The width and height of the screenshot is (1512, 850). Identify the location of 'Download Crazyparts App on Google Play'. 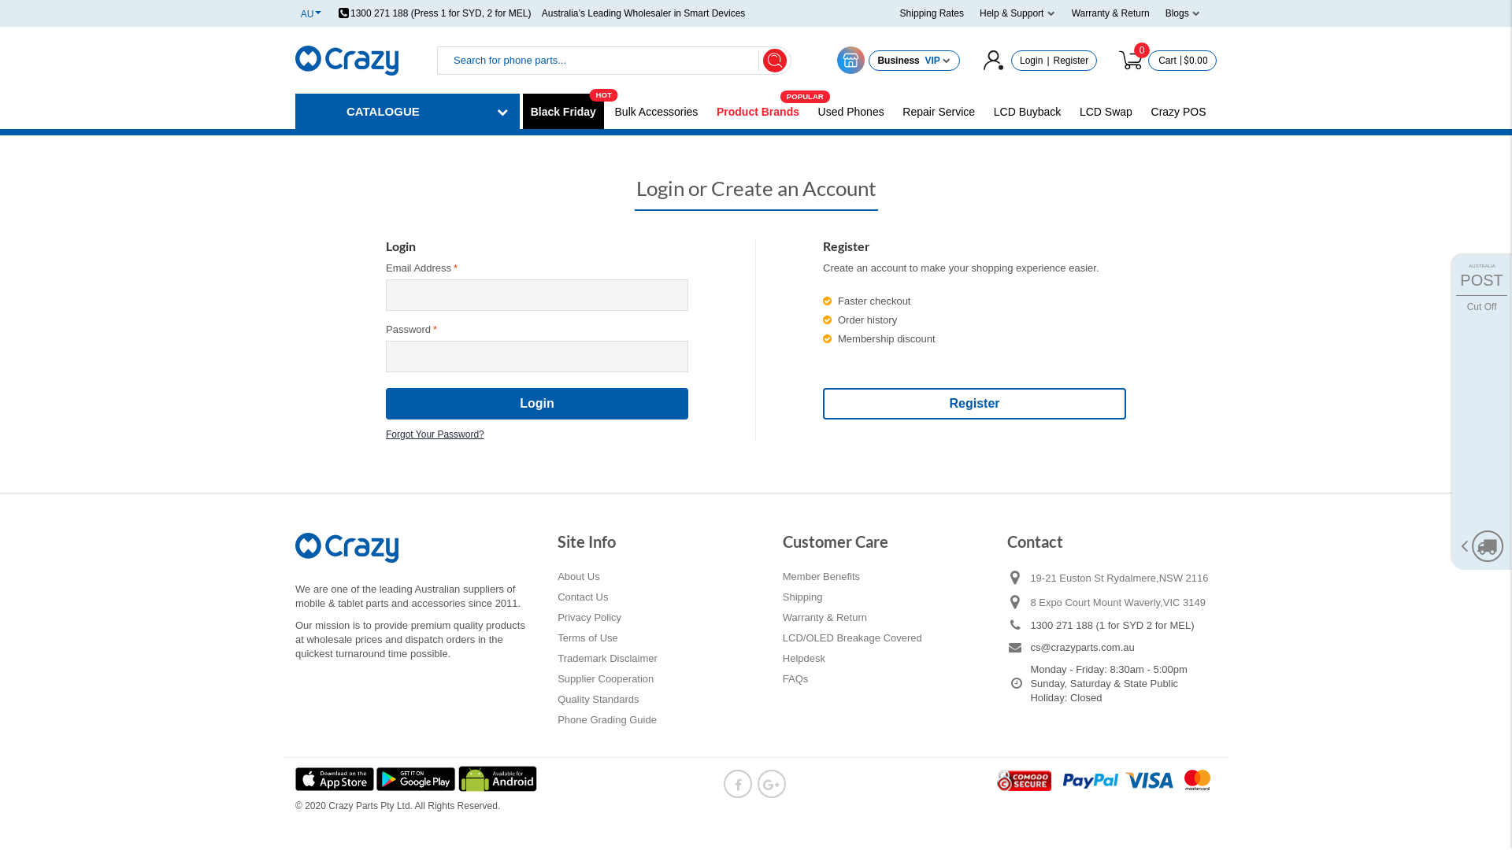
(417, 777).